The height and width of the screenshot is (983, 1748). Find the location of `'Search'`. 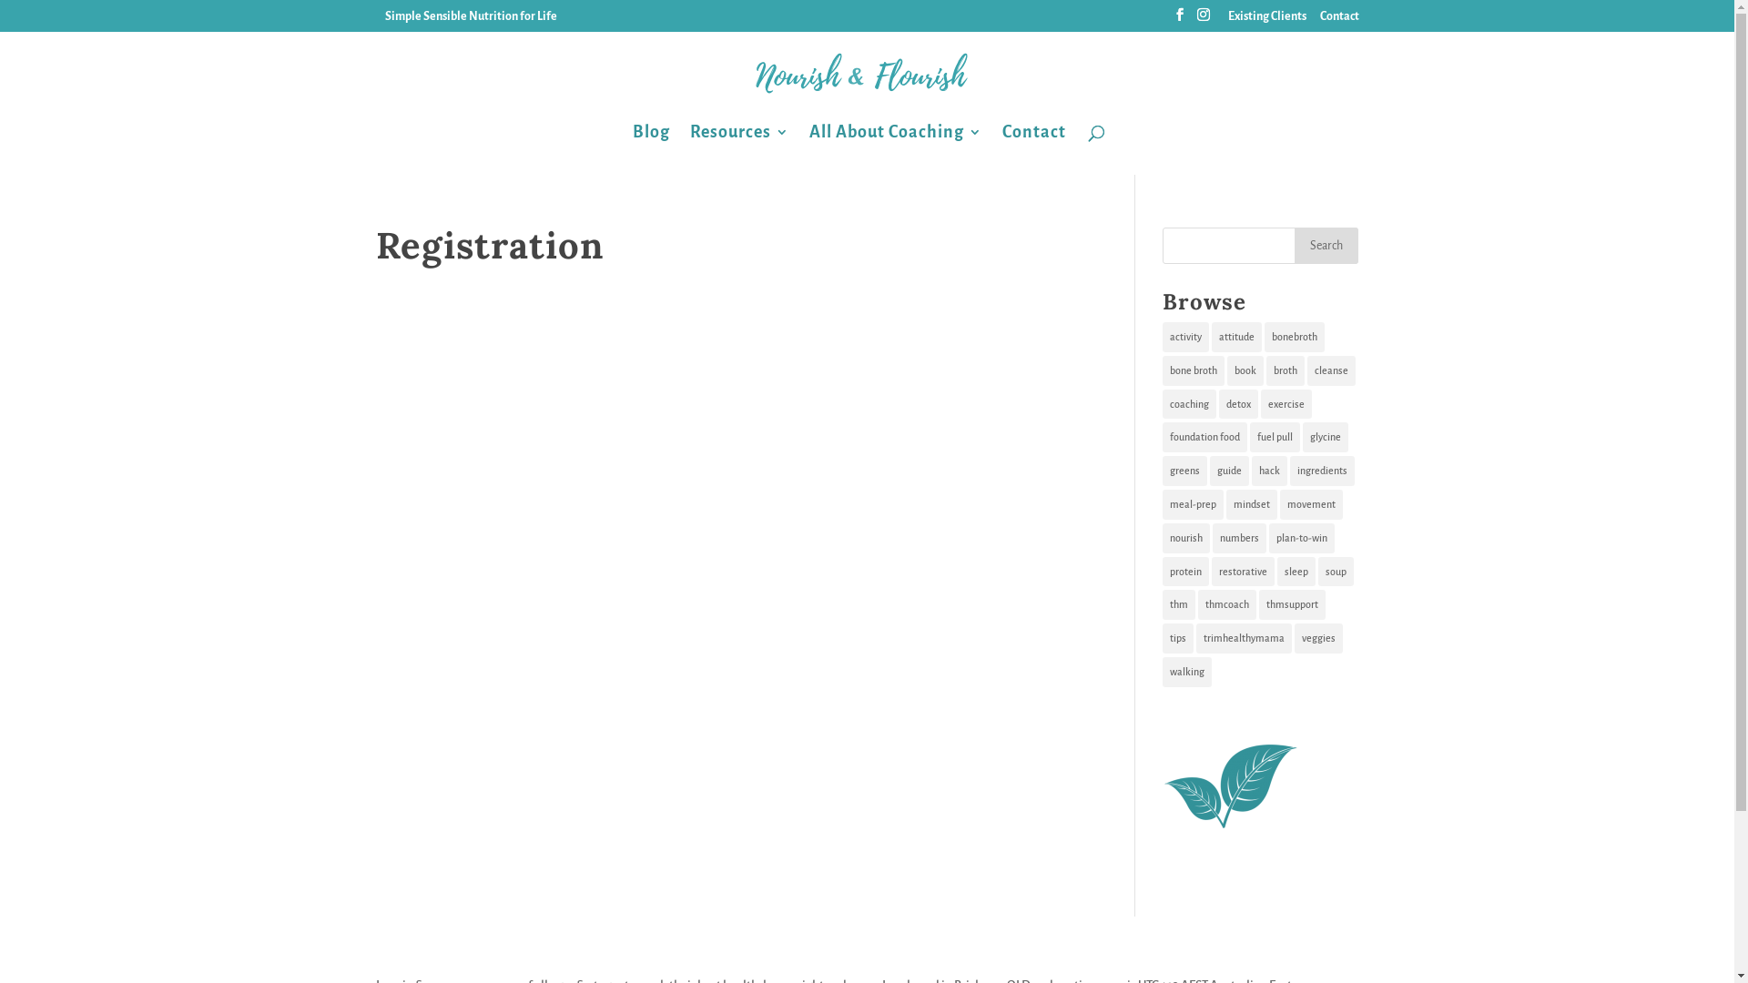

'Search' is located at coordinates (1326, 246).